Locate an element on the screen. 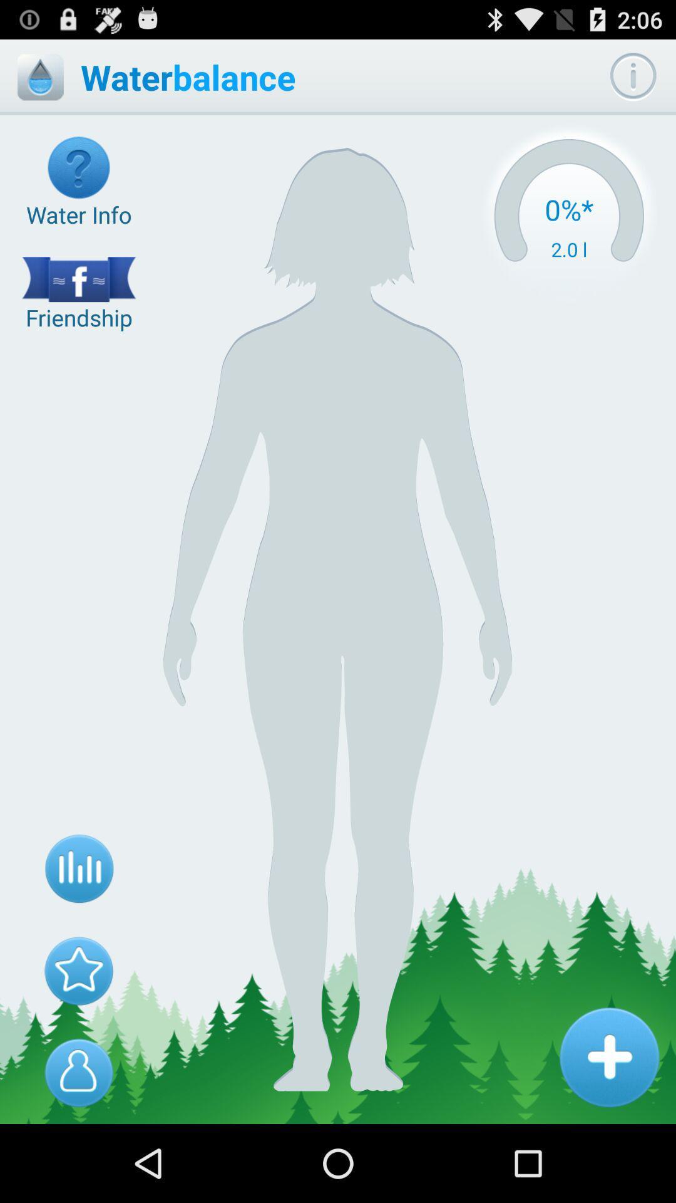 Image resolution: width=676 pixels, height=1203 pixels. information is located at coordinates (608, 1056).